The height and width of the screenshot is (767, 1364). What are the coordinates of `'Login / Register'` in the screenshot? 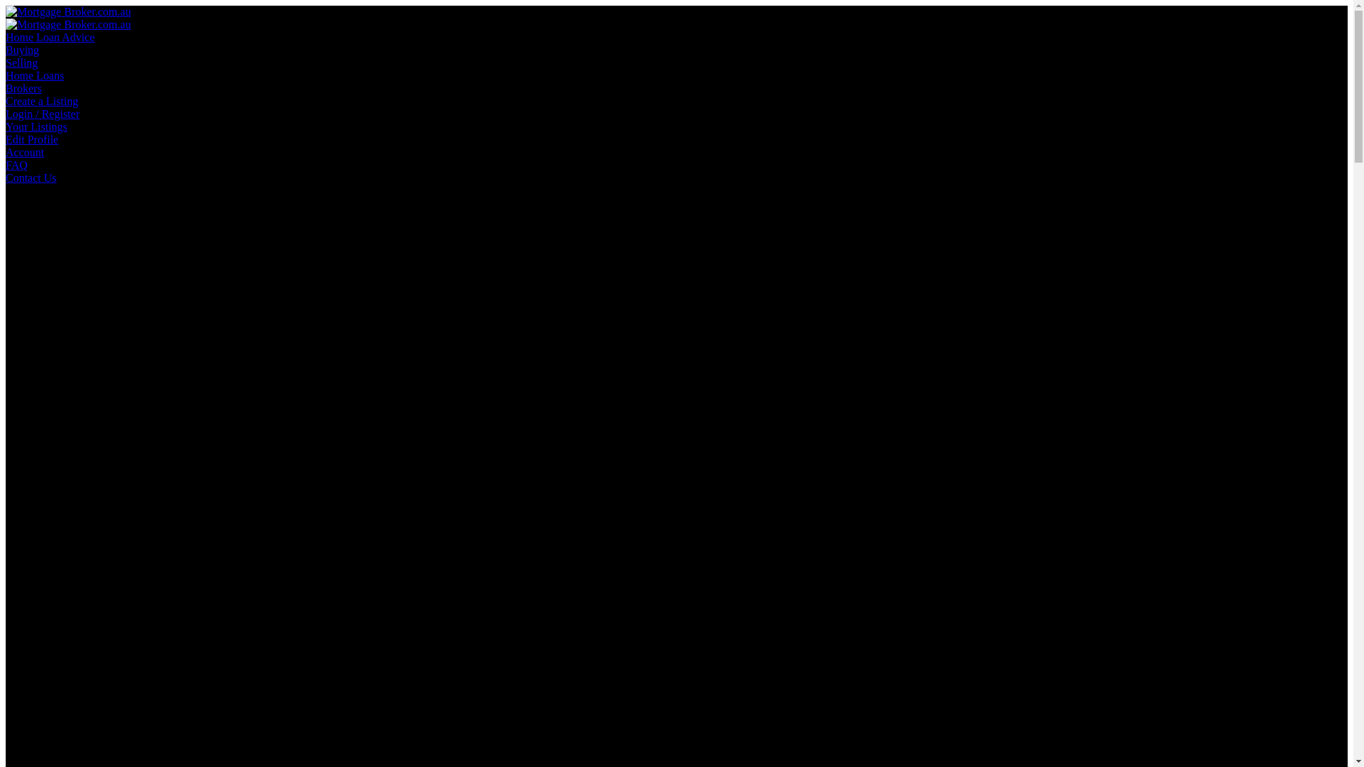 It's located at (42, 113).